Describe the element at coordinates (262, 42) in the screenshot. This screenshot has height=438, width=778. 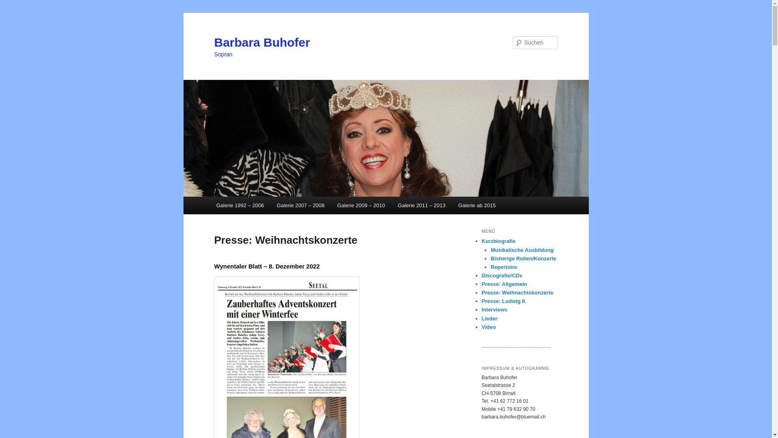
I see `'Barbara Buhofer'` at that location.